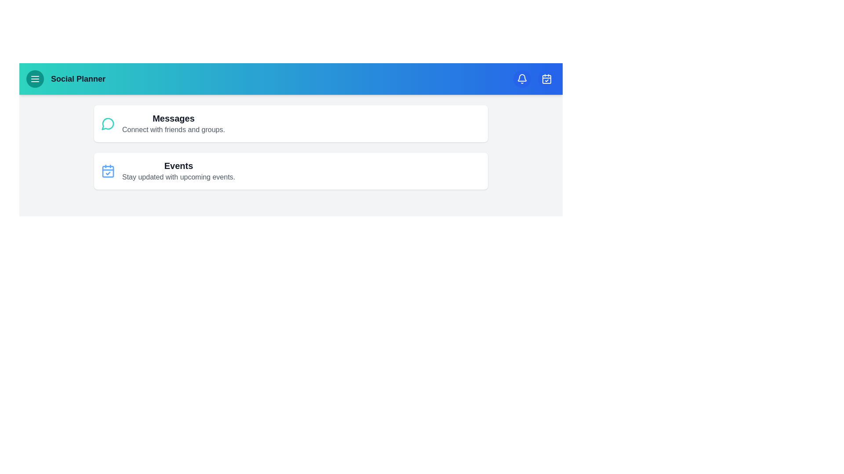  I want to click on the 'Messages' section to interact with it, so click(173, 123).